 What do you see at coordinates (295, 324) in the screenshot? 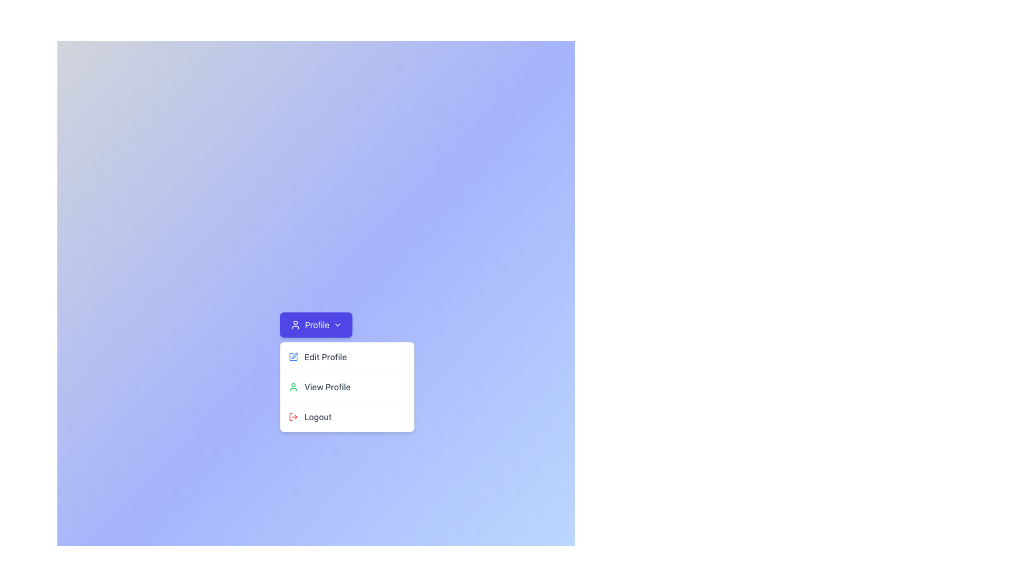
I see `the user profile icon located on the left edge of the 'Profile' button within the dropdown menu` at bounding box center [295, 324].